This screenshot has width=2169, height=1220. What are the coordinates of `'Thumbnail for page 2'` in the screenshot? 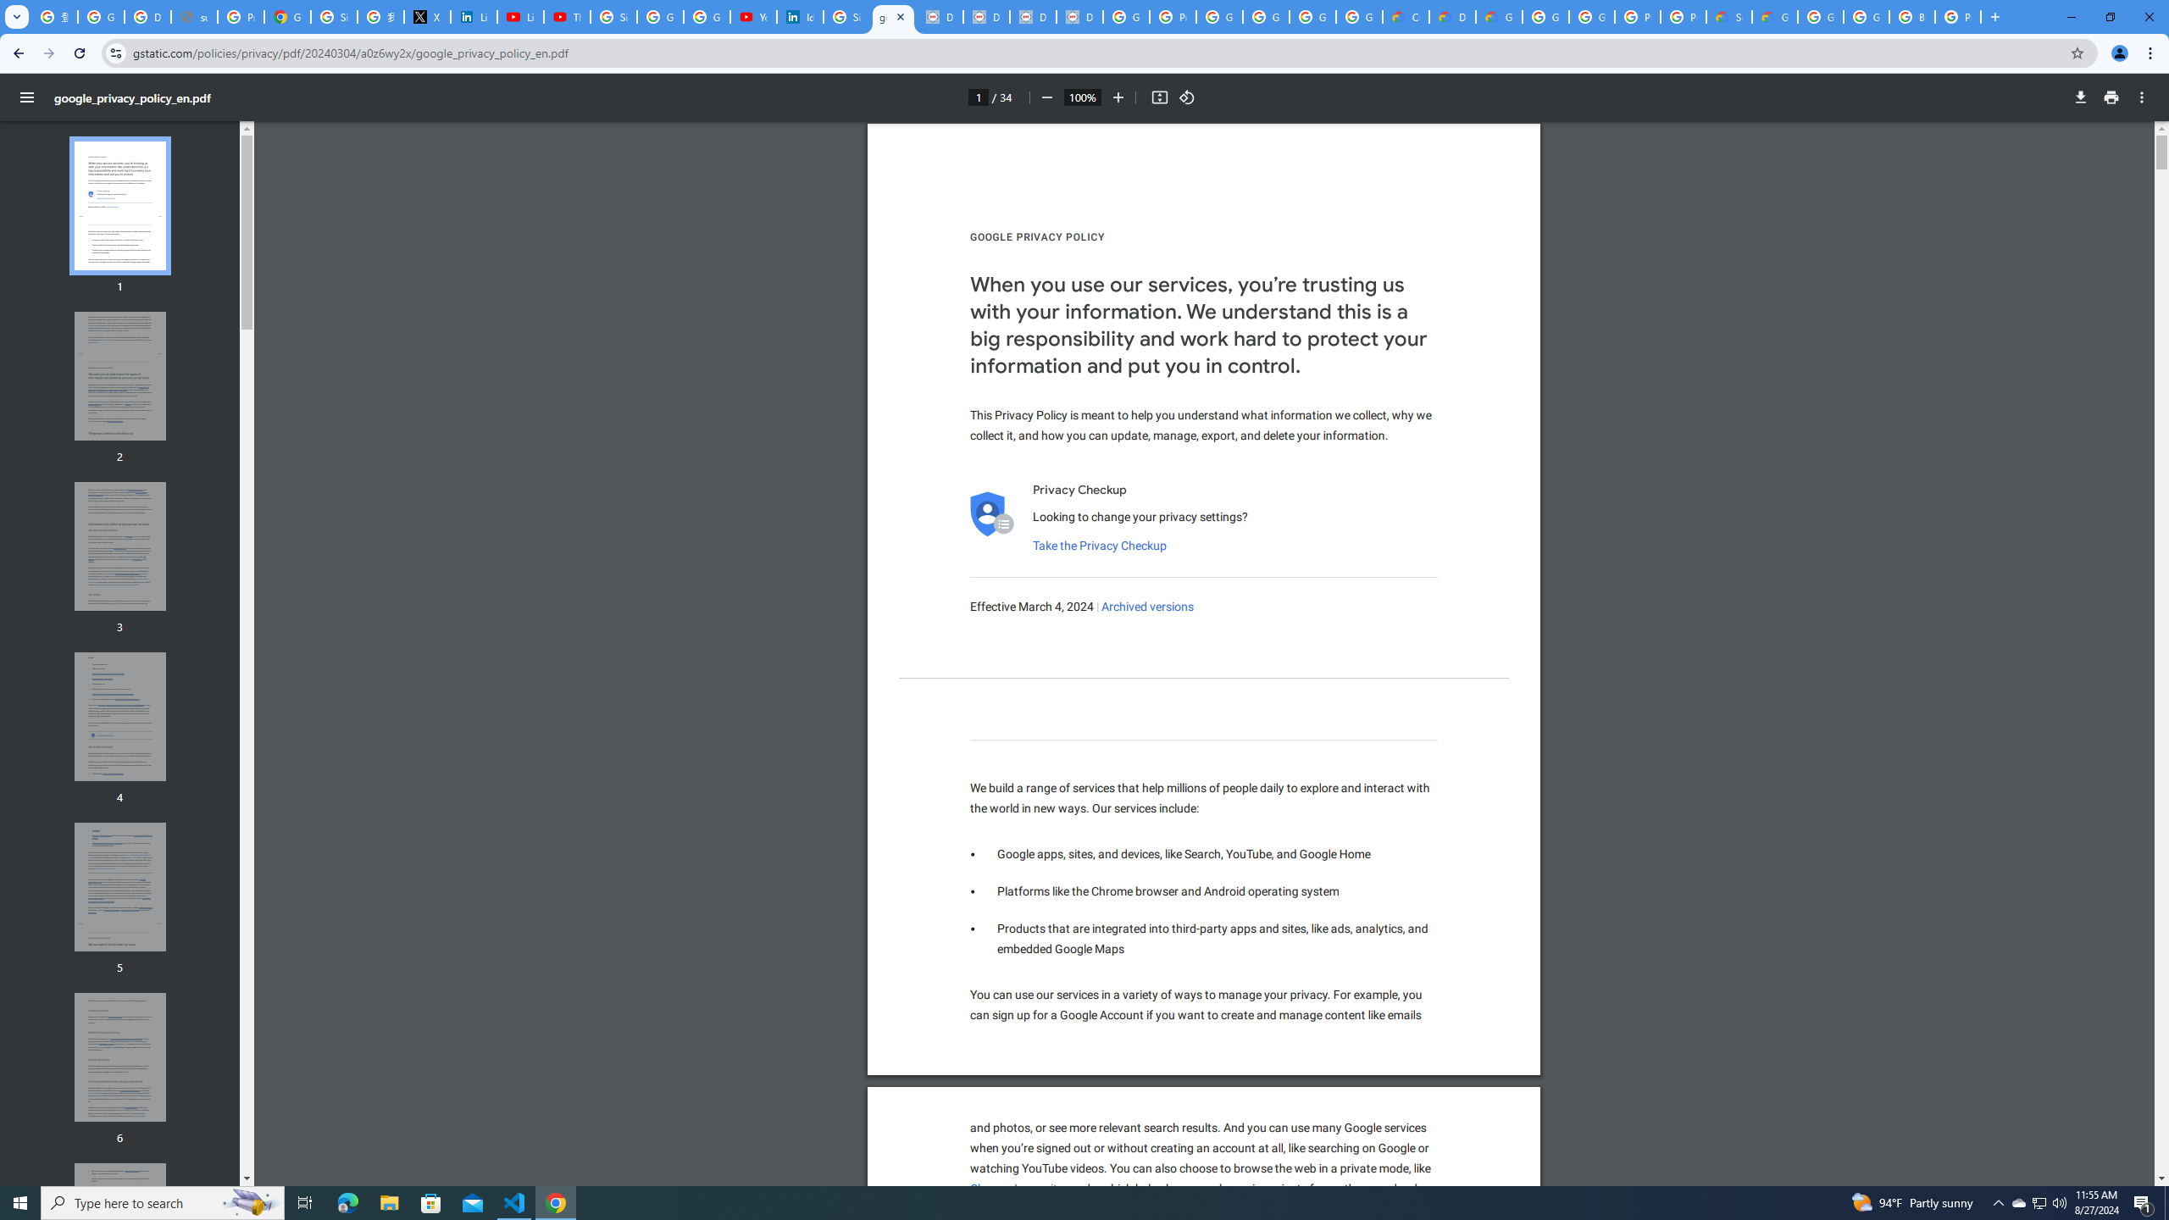 It's located at (120, 376).